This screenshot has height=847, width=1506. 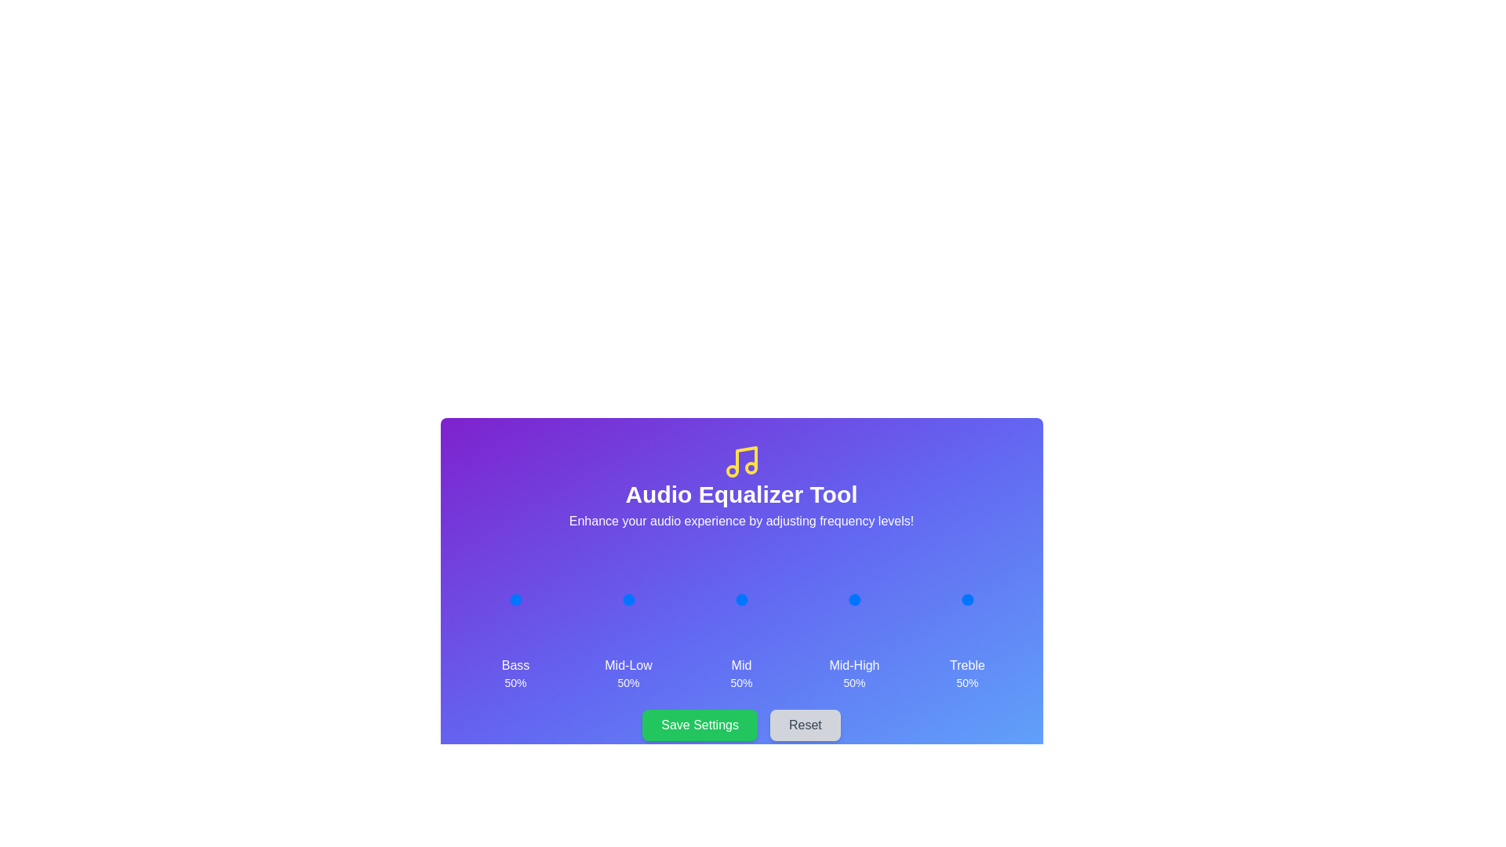 What do you see at coordinates (643, 599) in the screenshot?
I see `the 1 slider to 79%` at bounding box center [643, 599].